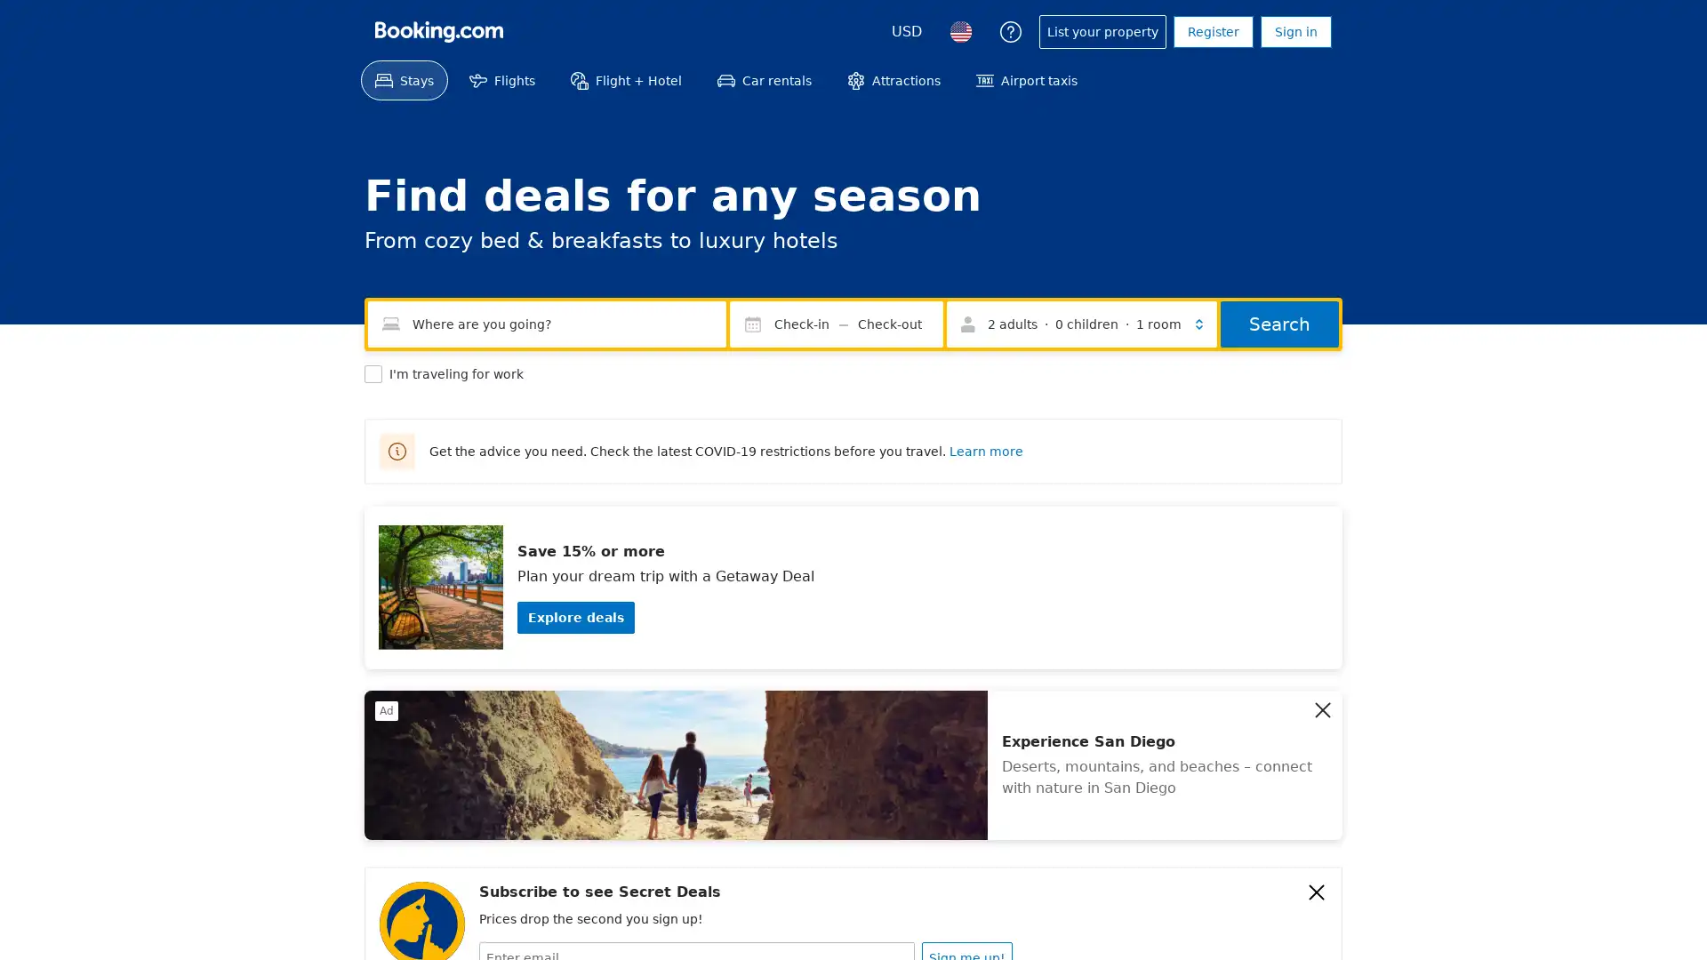  Describe the element at coordinates (906, 31) in the screenshot. I see `Choose your currency. Your current currency is U.S. Dollar` at that location.